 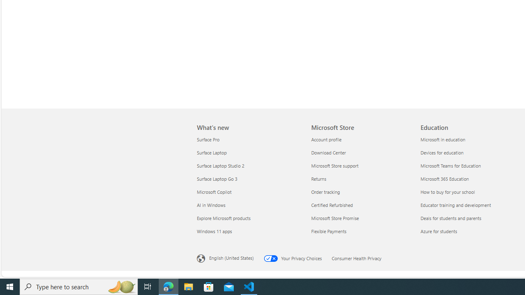 What do you see at coordinates (318, 178) in the screenshot?
I see `'Returns Microsoft Store'` at bounding box center [318, 178].